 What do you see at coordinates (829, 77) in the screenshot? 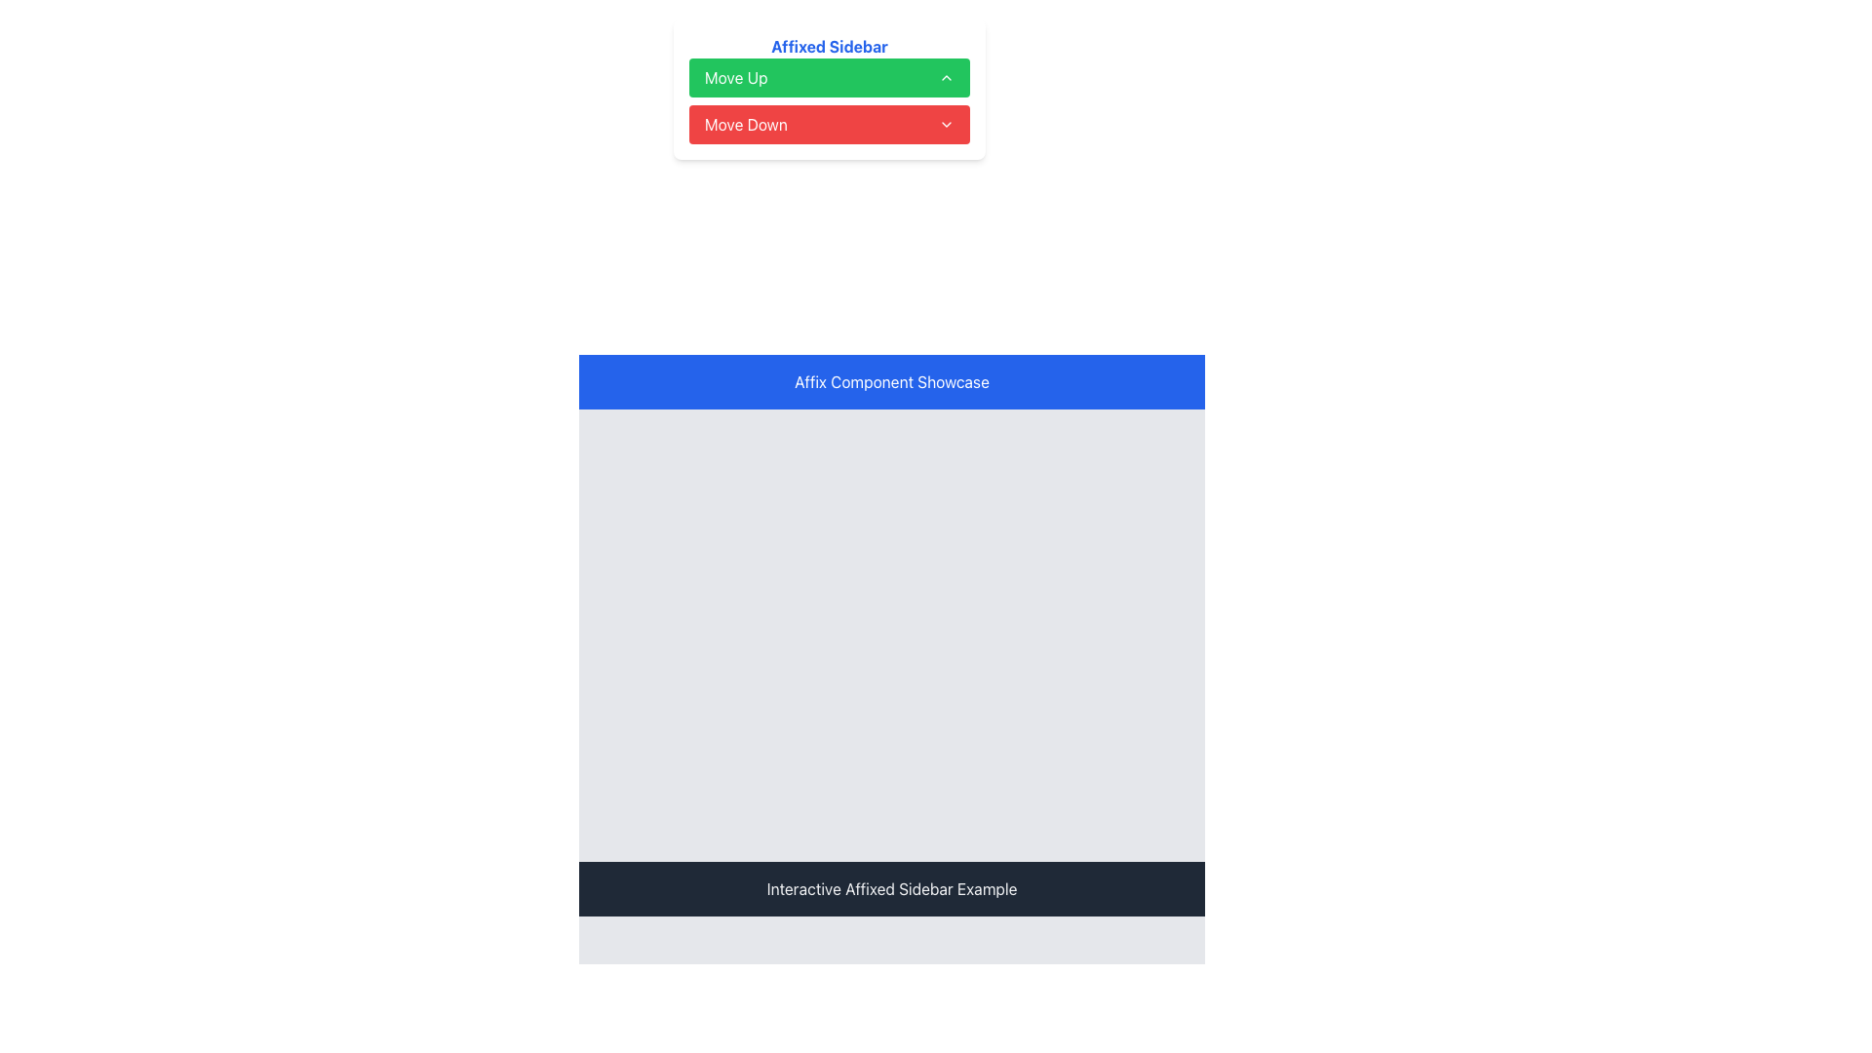
I see `the 'Move Up' button located at the top of the vertical stack under 'Affixed Sidebar' to observe the hover effect` at bounding box center [829, 77].